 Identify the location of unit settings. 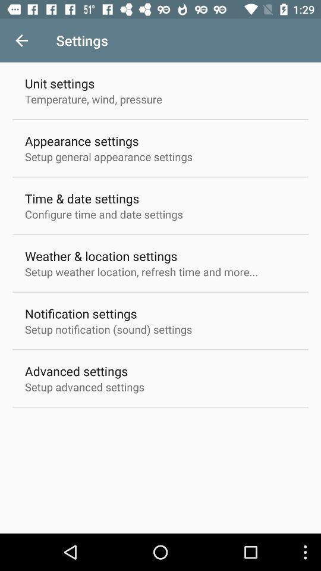
(59, 83).